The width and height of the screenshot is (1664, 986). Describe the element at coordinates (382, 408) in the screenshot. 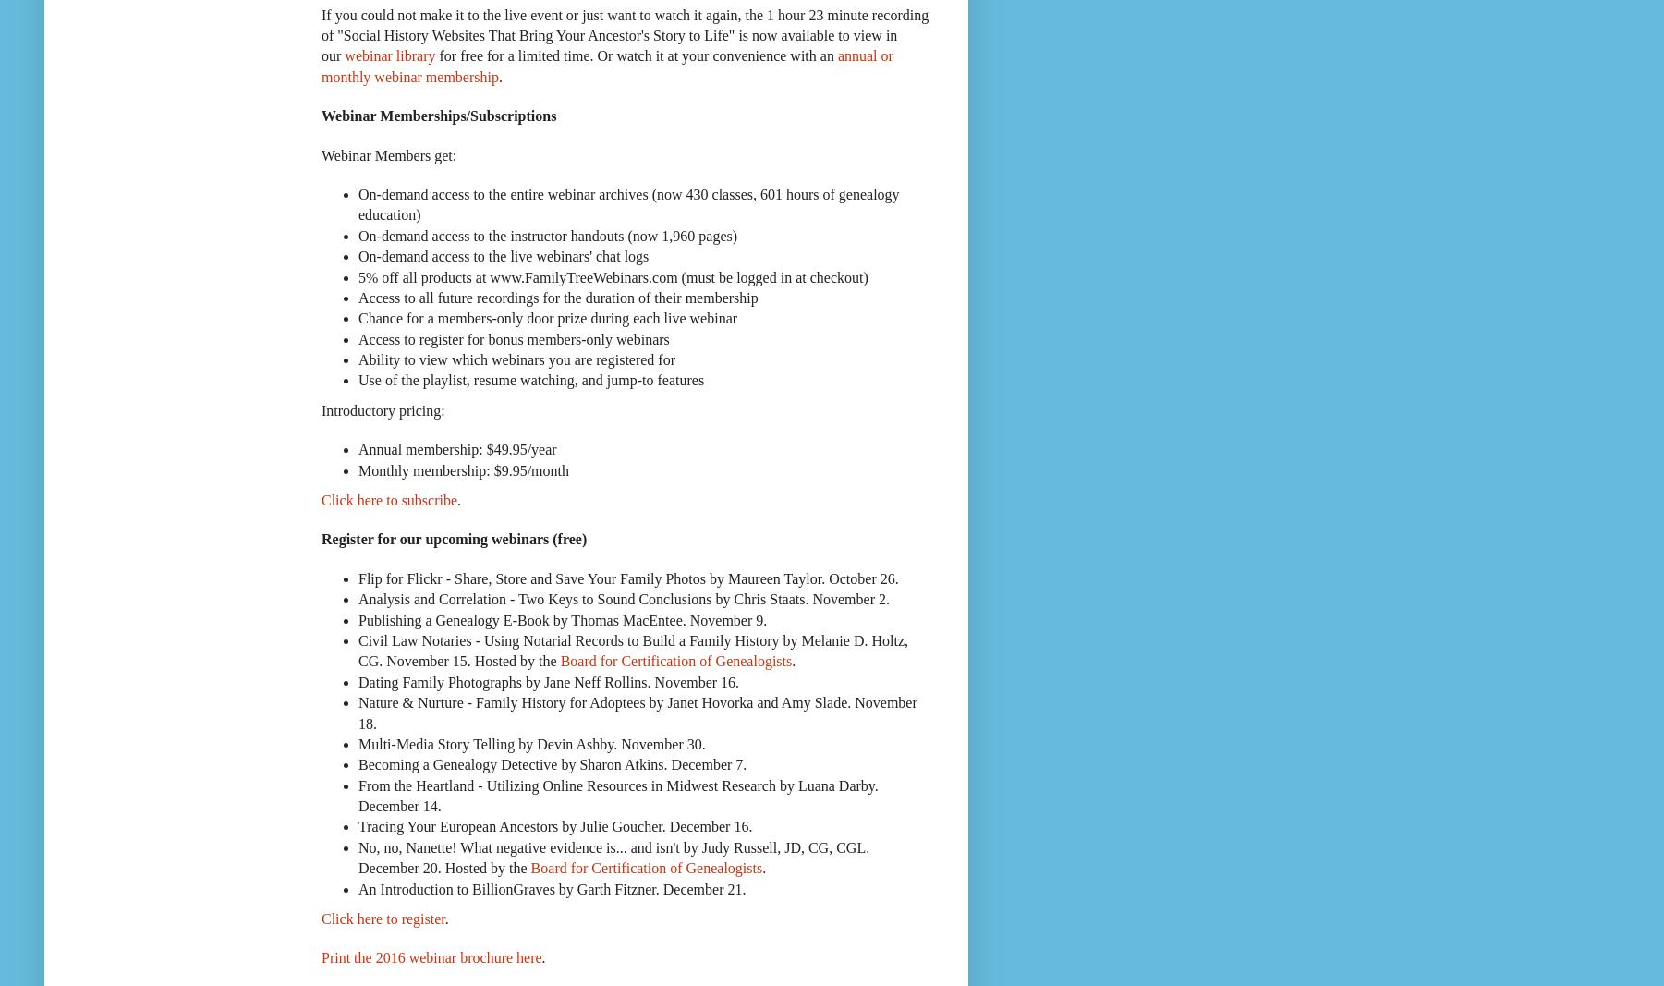

I see `'Introductory pricing:'` at that location.